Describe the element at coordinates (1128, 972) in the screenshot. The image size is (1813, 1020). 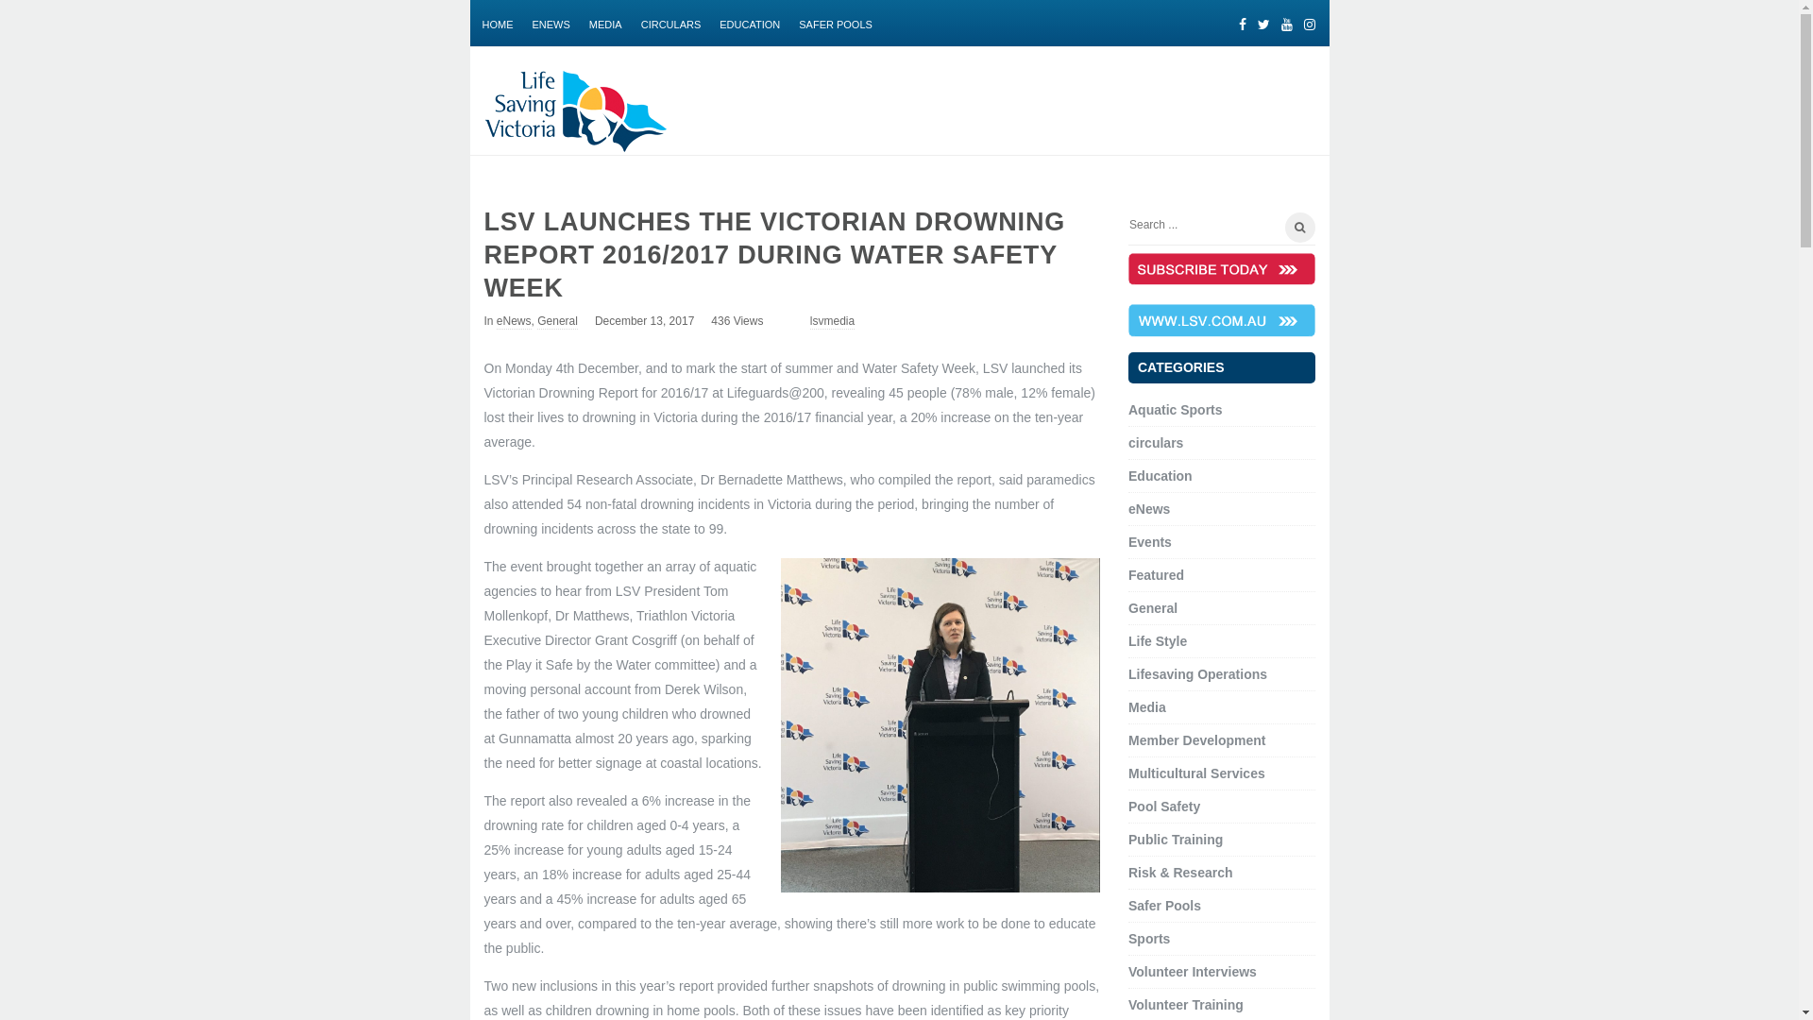
I see `'Volunteer Interviews'` at that location.